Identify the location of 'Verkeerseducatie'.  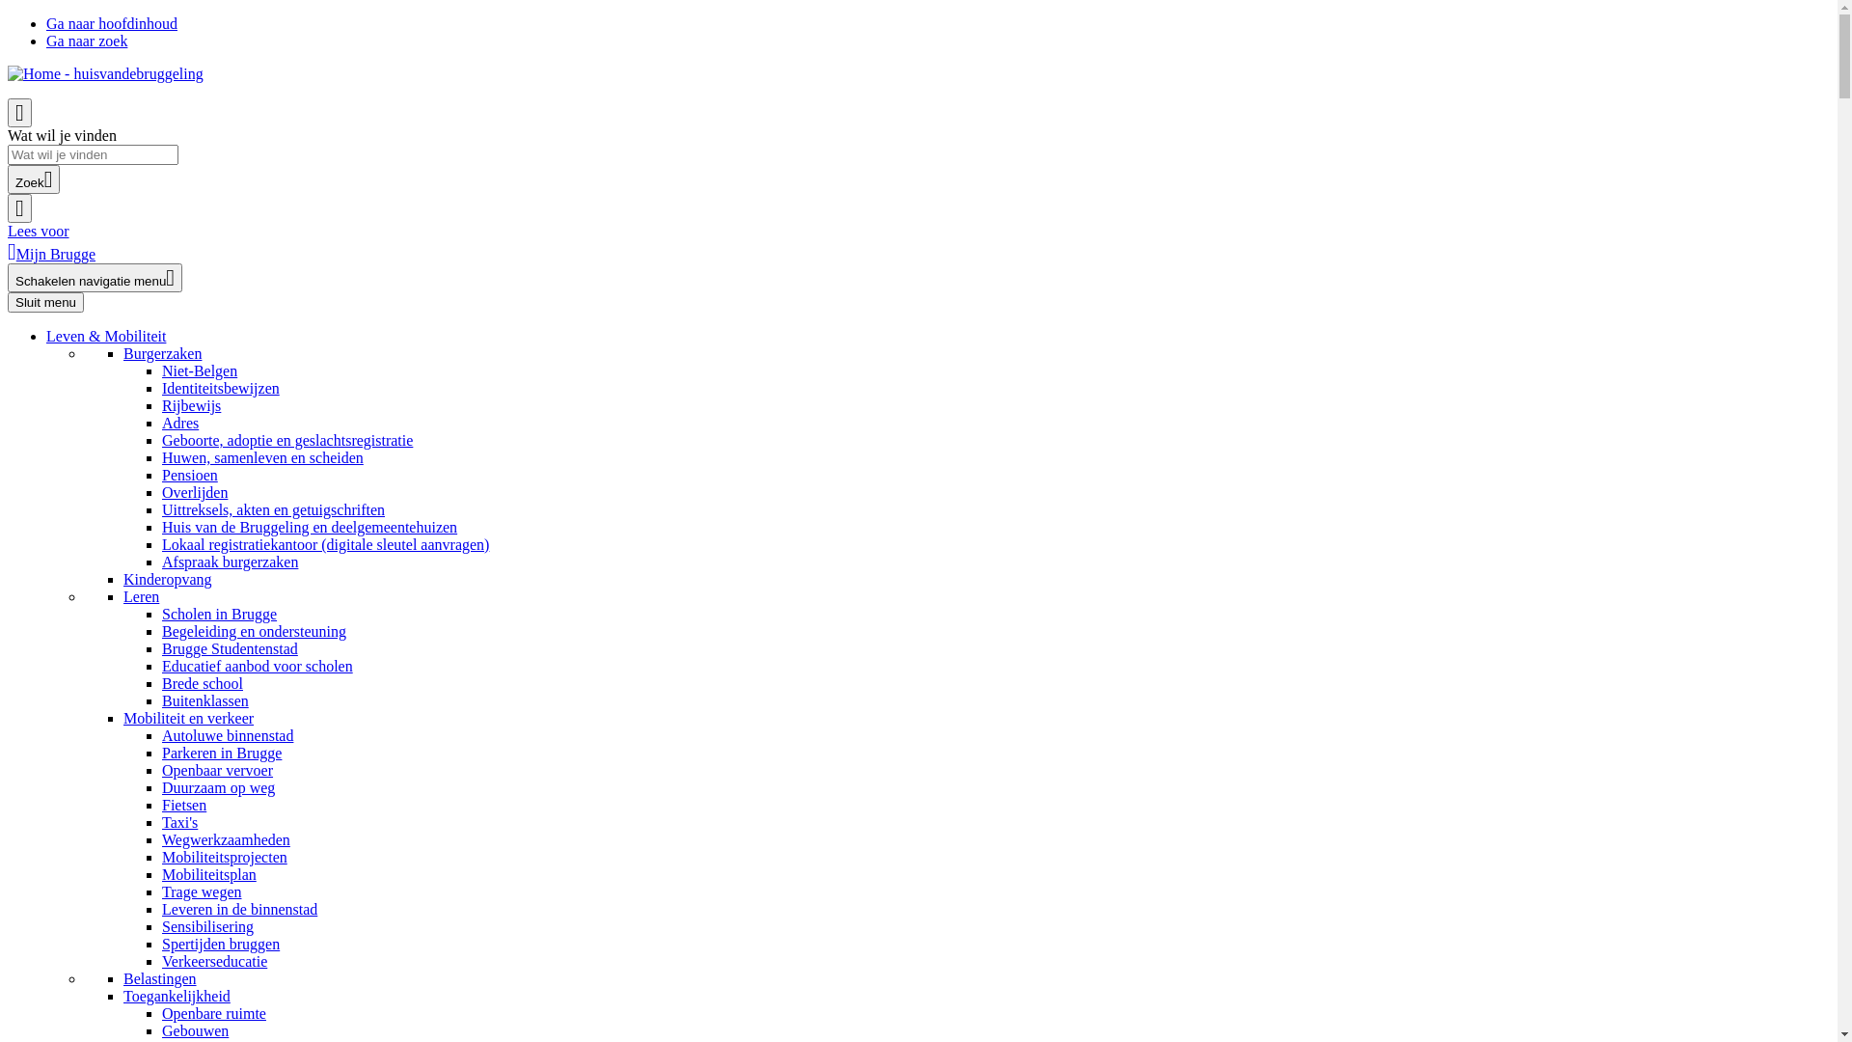
(214, 961).